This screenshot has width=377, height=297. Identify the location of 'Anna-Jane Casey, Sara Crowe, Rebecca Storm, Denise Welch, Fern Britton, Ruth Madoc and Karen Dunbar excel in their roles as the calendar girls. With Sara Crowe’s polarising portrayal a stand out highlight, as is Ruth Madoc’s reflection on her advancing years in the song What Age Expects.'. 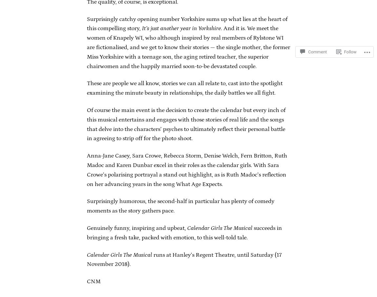
(187, 169).